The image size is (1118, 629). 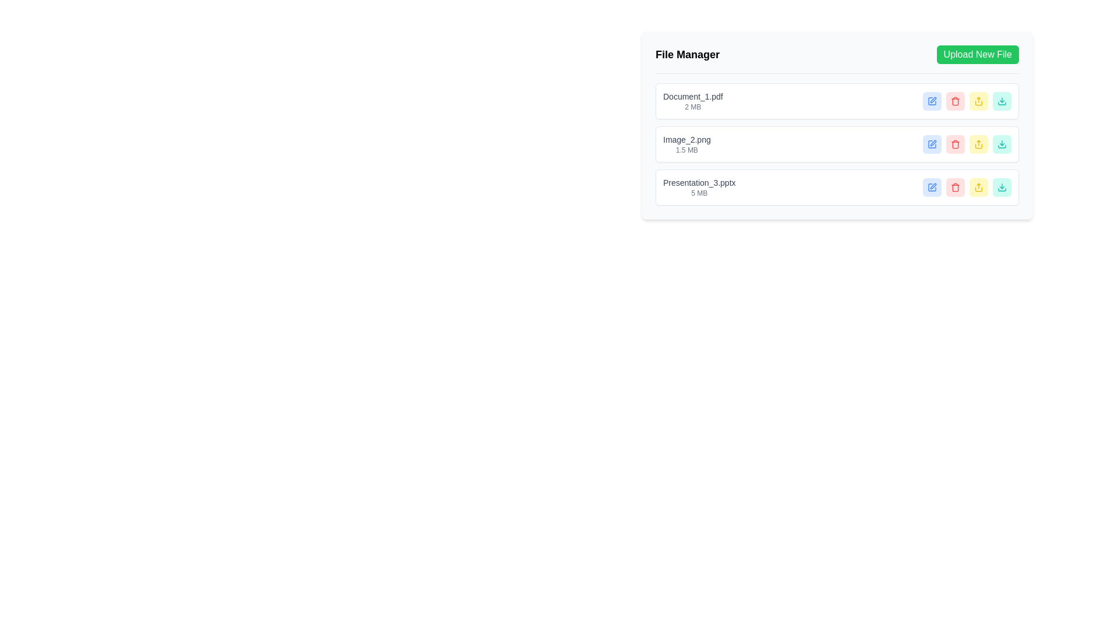 I want to click on the edit icon associated with the file entry 'Image_2.png' in the file manager application, so click(x=932, y=143).